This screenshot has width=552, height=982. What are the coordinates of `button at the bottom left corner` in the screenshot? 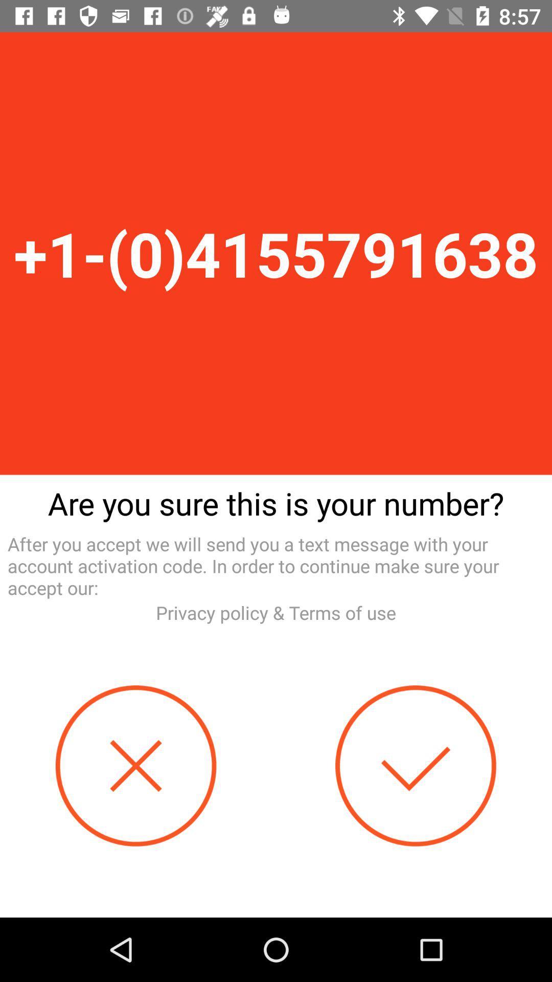 It's located at (135, 766).